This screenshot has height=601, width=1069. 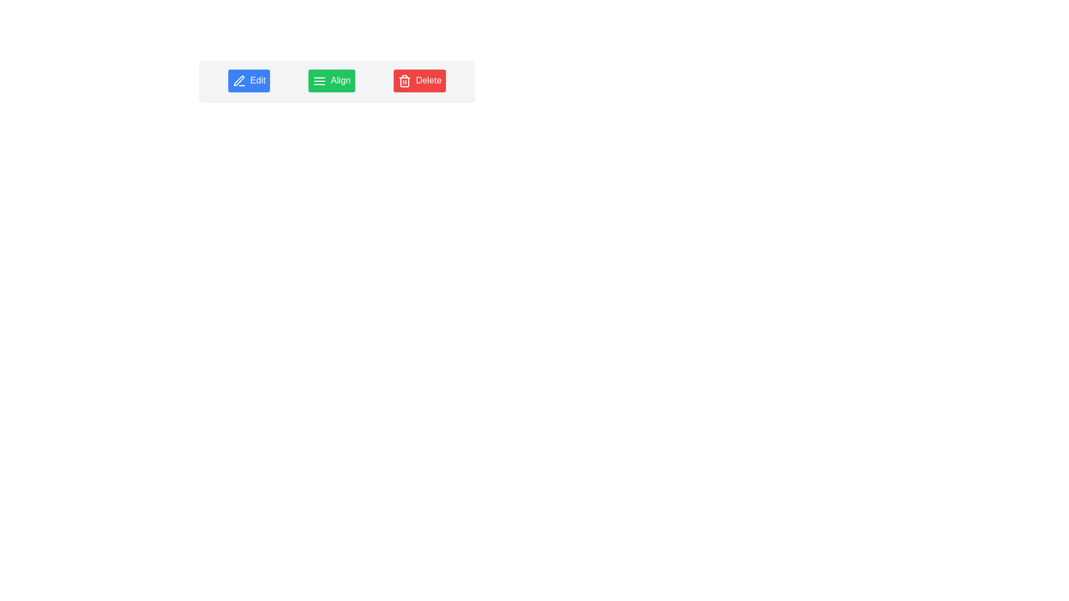 What do you see at coordinates (404, 81) in the screenshot?
I see `the trash bin icon representing the delete action, located within the red 'Delete' button on the far right of the button layout` at bounding box center [404, 81].